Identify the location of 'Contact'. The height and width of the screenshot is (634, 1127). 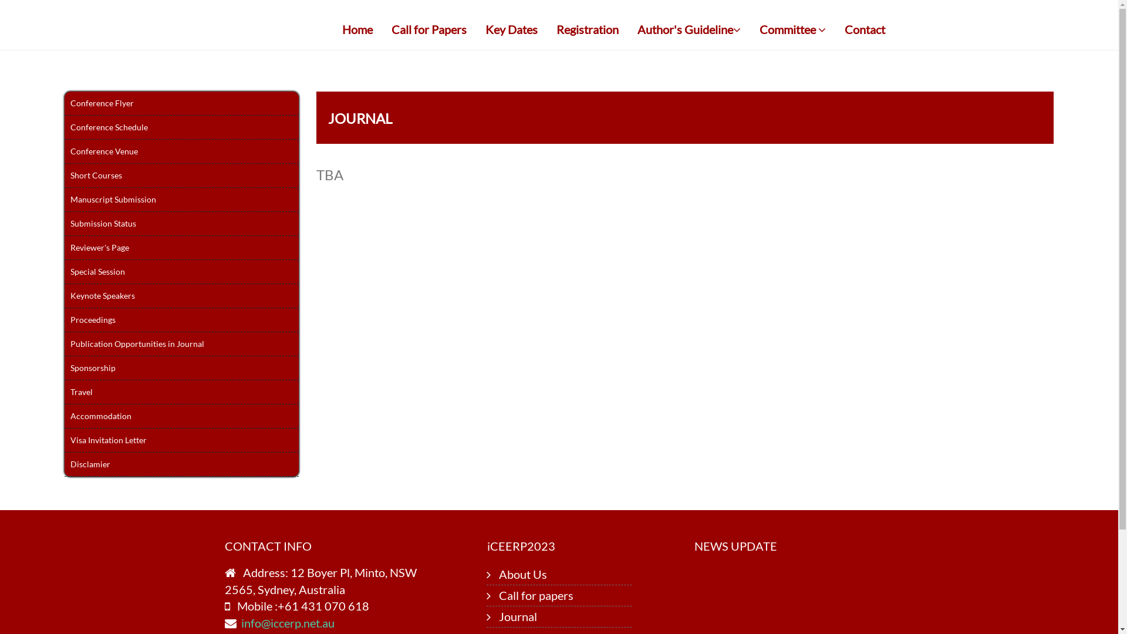
(865, 29).